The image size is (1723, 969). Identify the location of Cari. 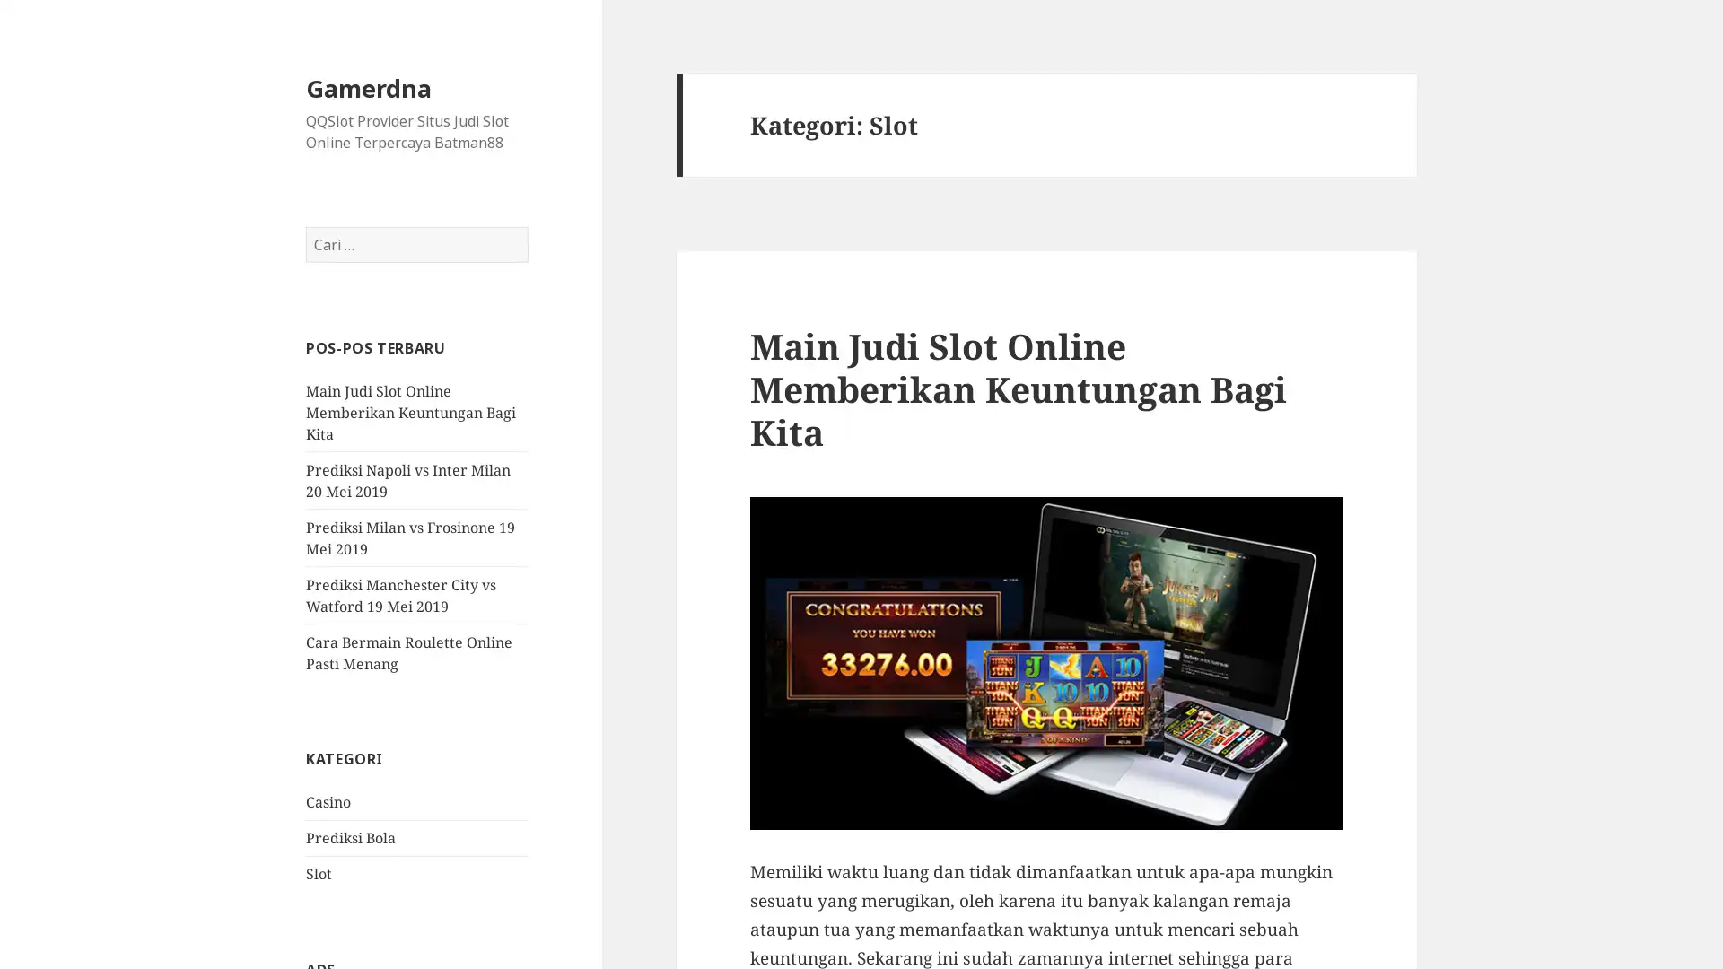
(527, 226).